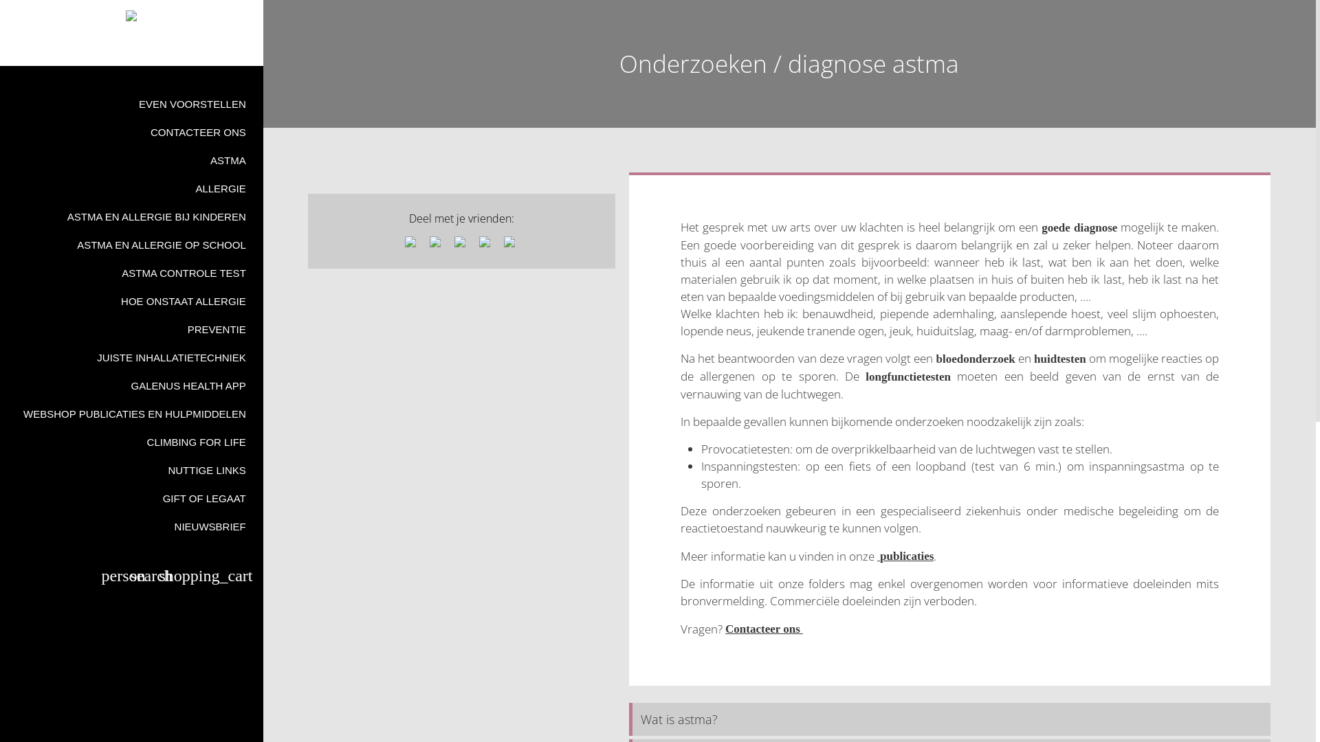 This screenshot has height=742, width=1320. Describe the element at coordinates (487, 243) in the screenshot. I see `'Share via mail'` at that location.